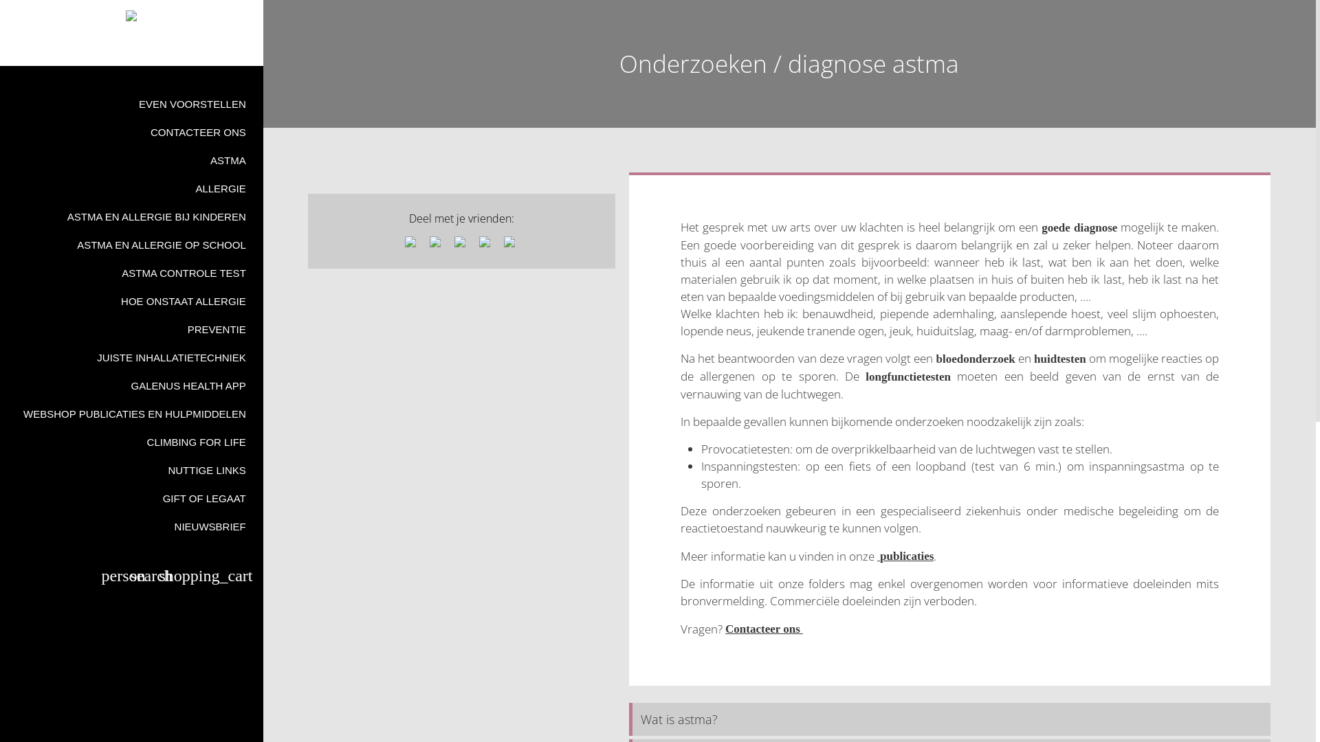 This screenshot has height=742, width=1320. Describe the element at coordinates (487, 243) in the screenshot. I see `'Share via mail'` at that location.